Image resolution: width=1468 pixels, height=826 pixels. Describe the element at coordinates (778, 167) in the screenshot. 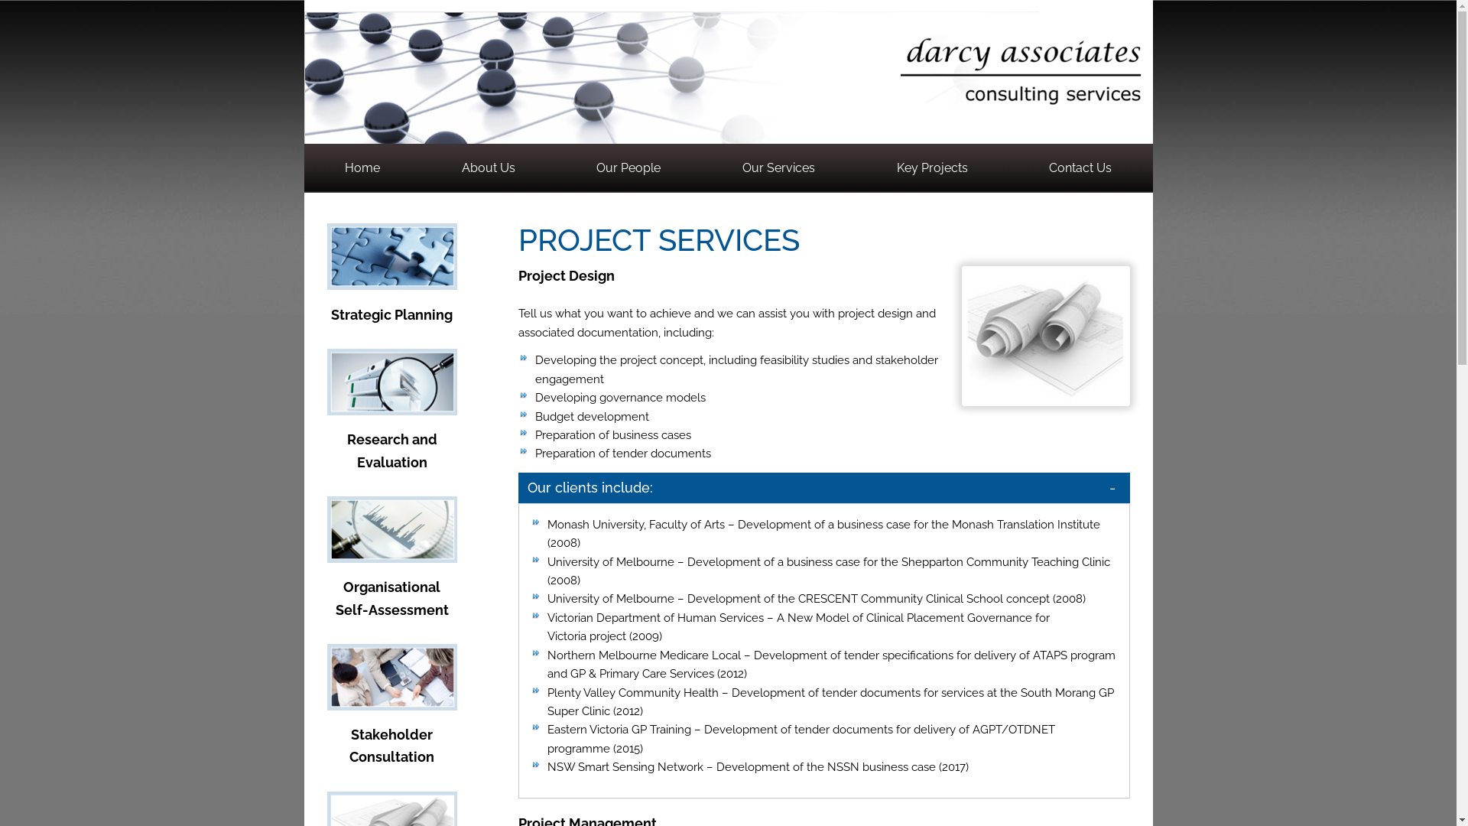

I see `'Our Services'` at that location.